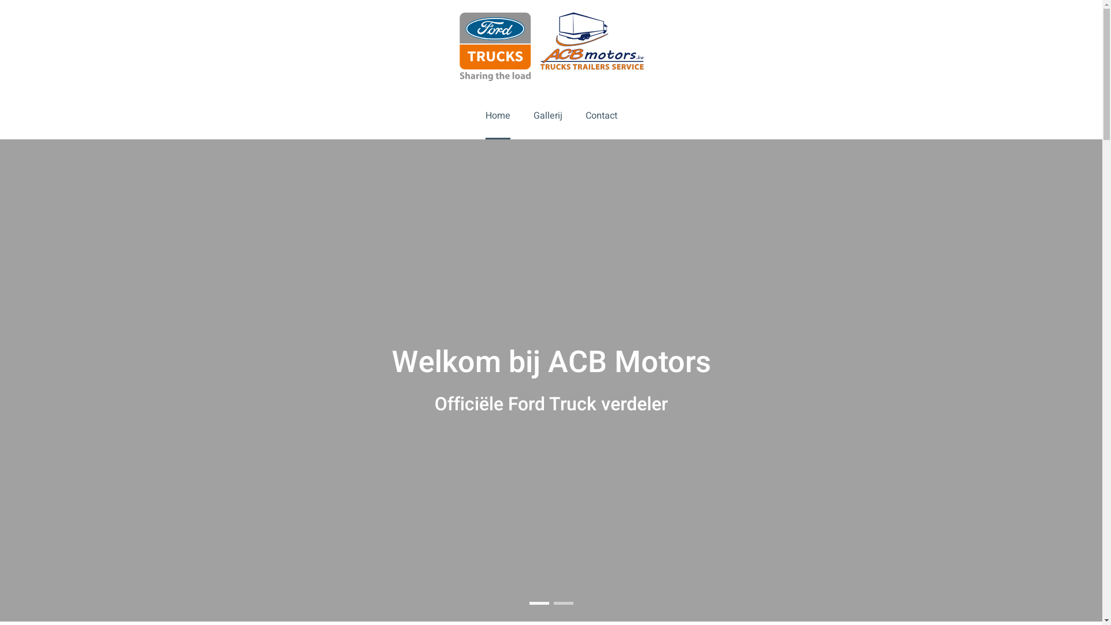 Image resolution: width=1111 pixels, height=625 pixels. Describe the element at coordinates (528, 602) in the screenshot. I see `'Welkom bij ACB Motors'` at that location.